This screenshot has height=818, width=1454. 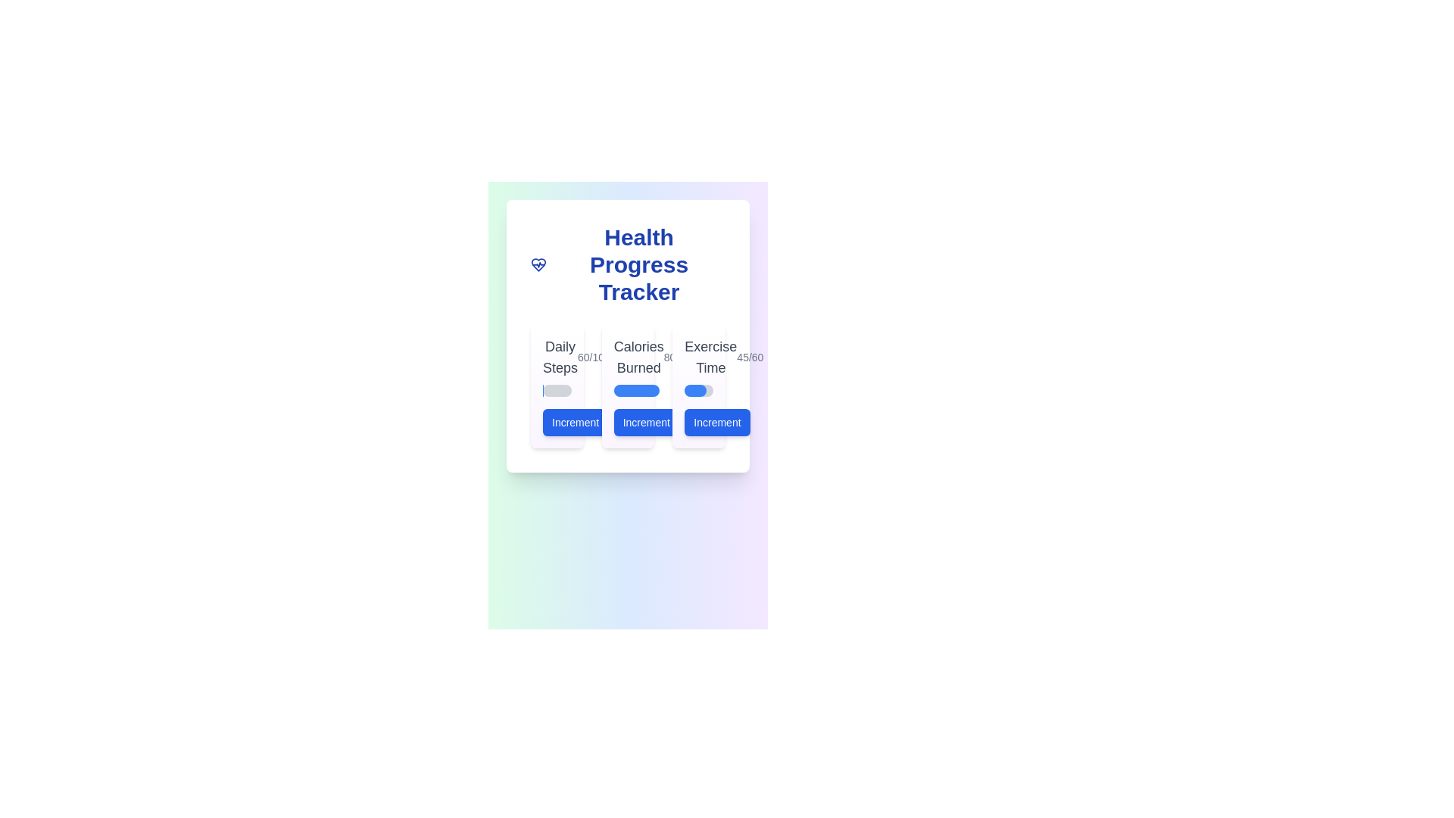 What do you see at coordinates (750, 357) in the screenshot?
I see `text label displaying '45/60' located on the right side of the 'Exercise Time' panel in the 'Health Progress Tracker' interface` at bounding box center [750, 357].